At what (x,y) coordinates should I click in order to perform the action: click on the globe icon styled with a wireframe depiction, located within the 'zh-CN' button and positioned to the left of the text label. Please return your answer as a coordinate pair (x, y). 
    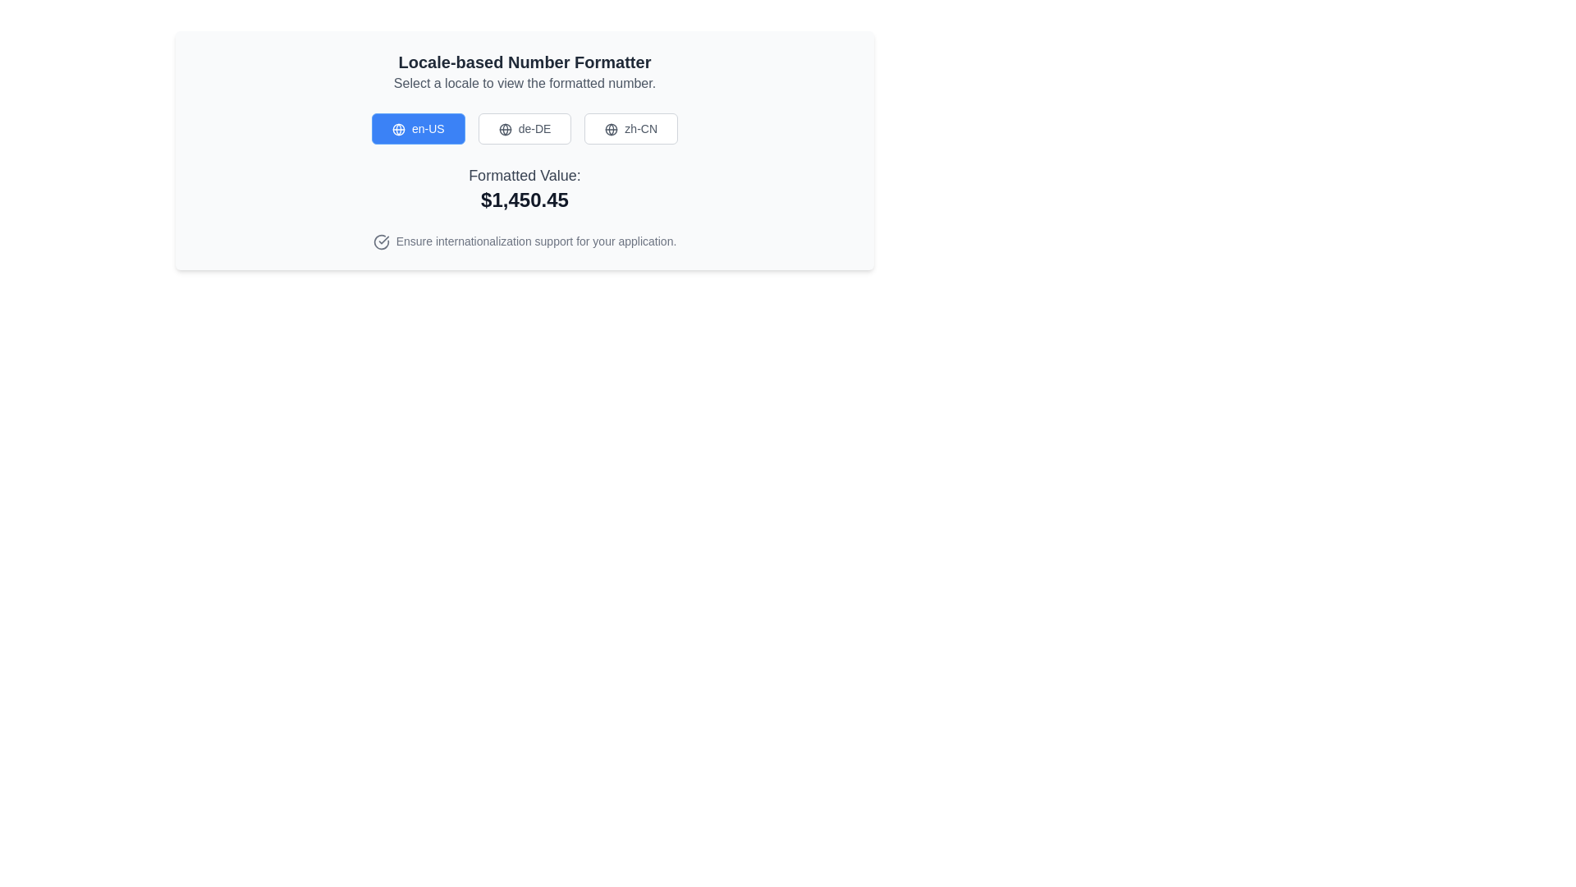
    Looking at the image, I should click on (611, 129).